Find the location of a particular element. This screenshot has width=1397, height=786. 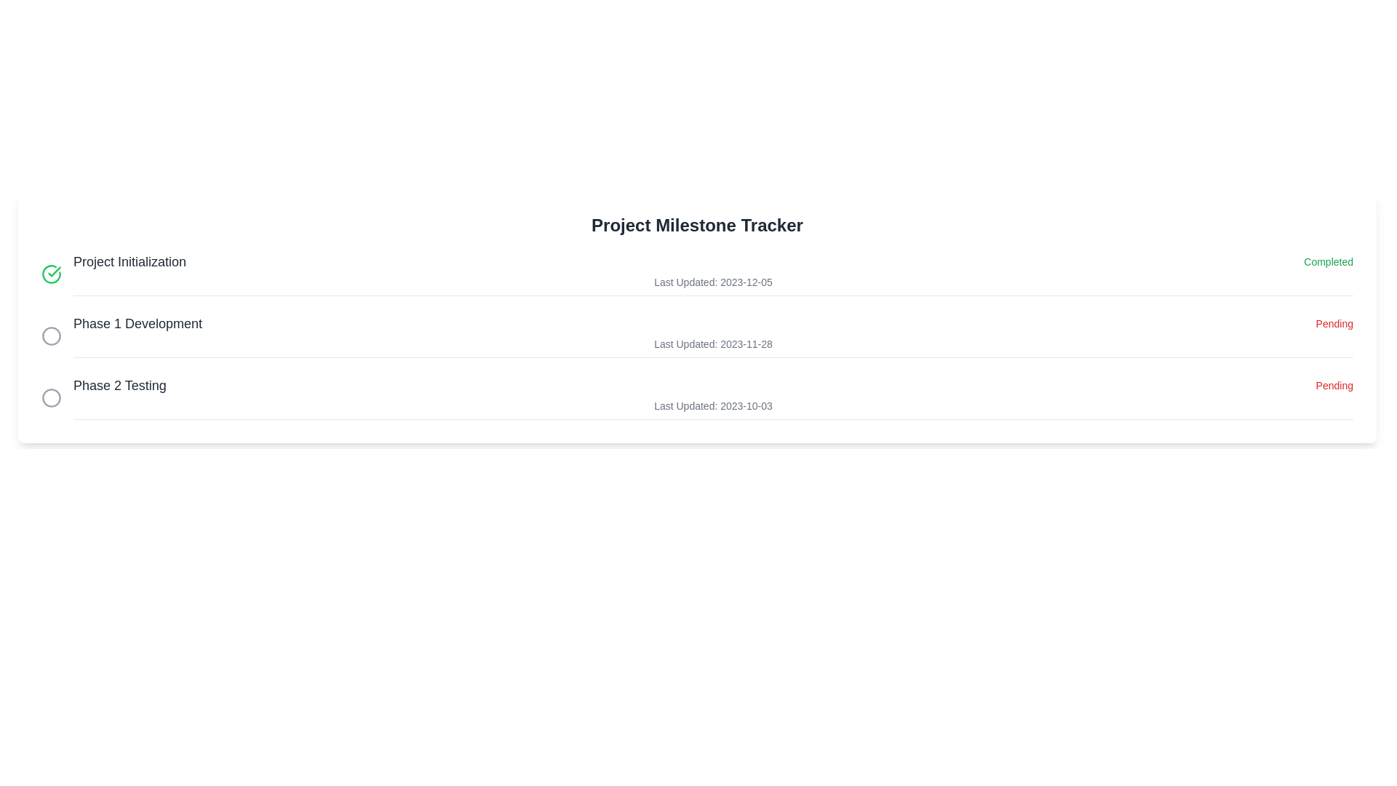

the text label displaying 'Last Updated: 2023-11-28', which provides metadata information under the 'Phase 1 Development' heading is located at coordinates (713, 344).